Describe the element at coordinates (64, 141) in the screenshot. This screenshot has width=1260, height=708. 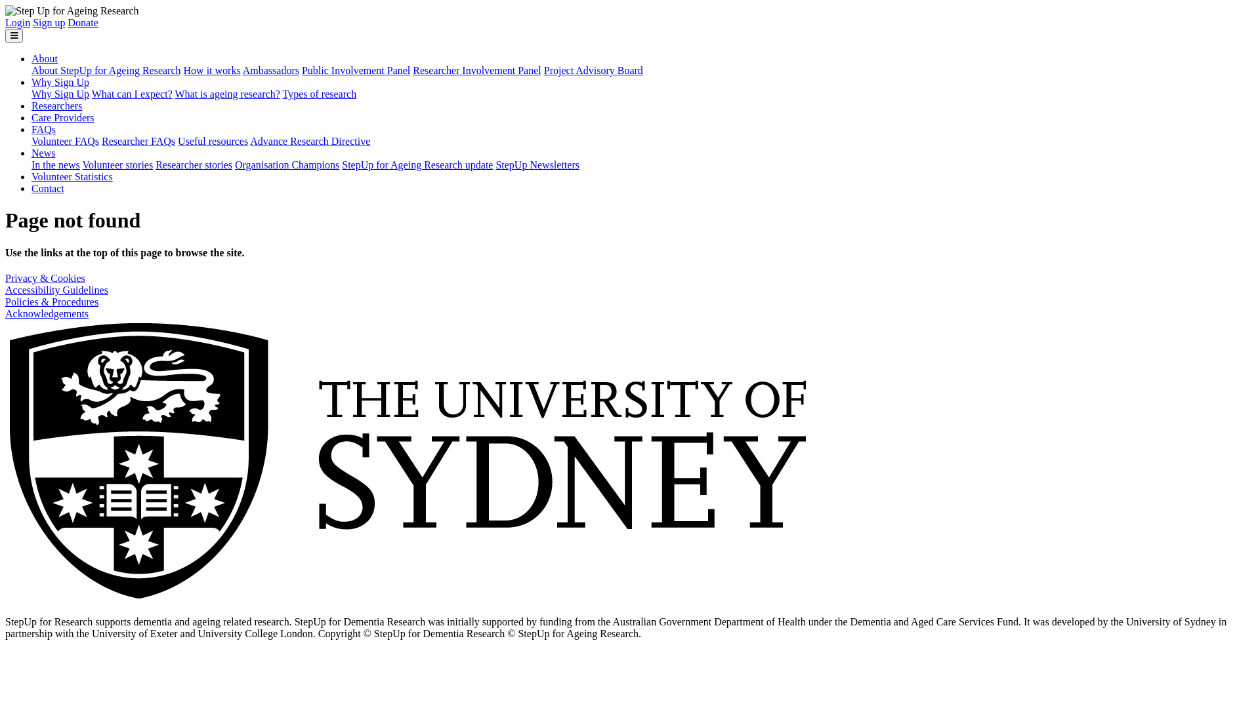
I see `'Volunteer FAQs'` at that location.